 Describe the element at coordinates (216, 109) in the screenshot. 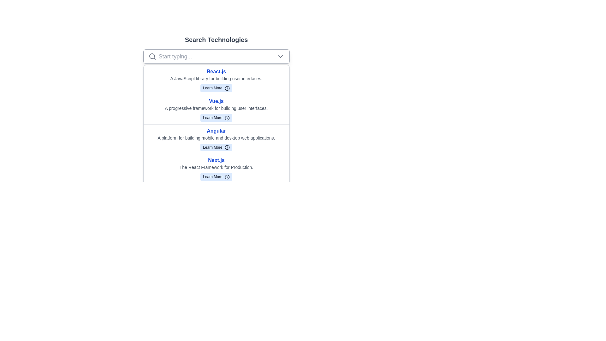

I see `the 'Learn More' button within the Vue.js information composite element located in the dropdown list below the search bar` at that location.